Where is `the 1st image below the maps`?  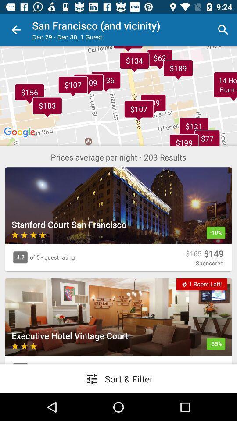
the 1st image below the maps is located at coordinates (118, 205).